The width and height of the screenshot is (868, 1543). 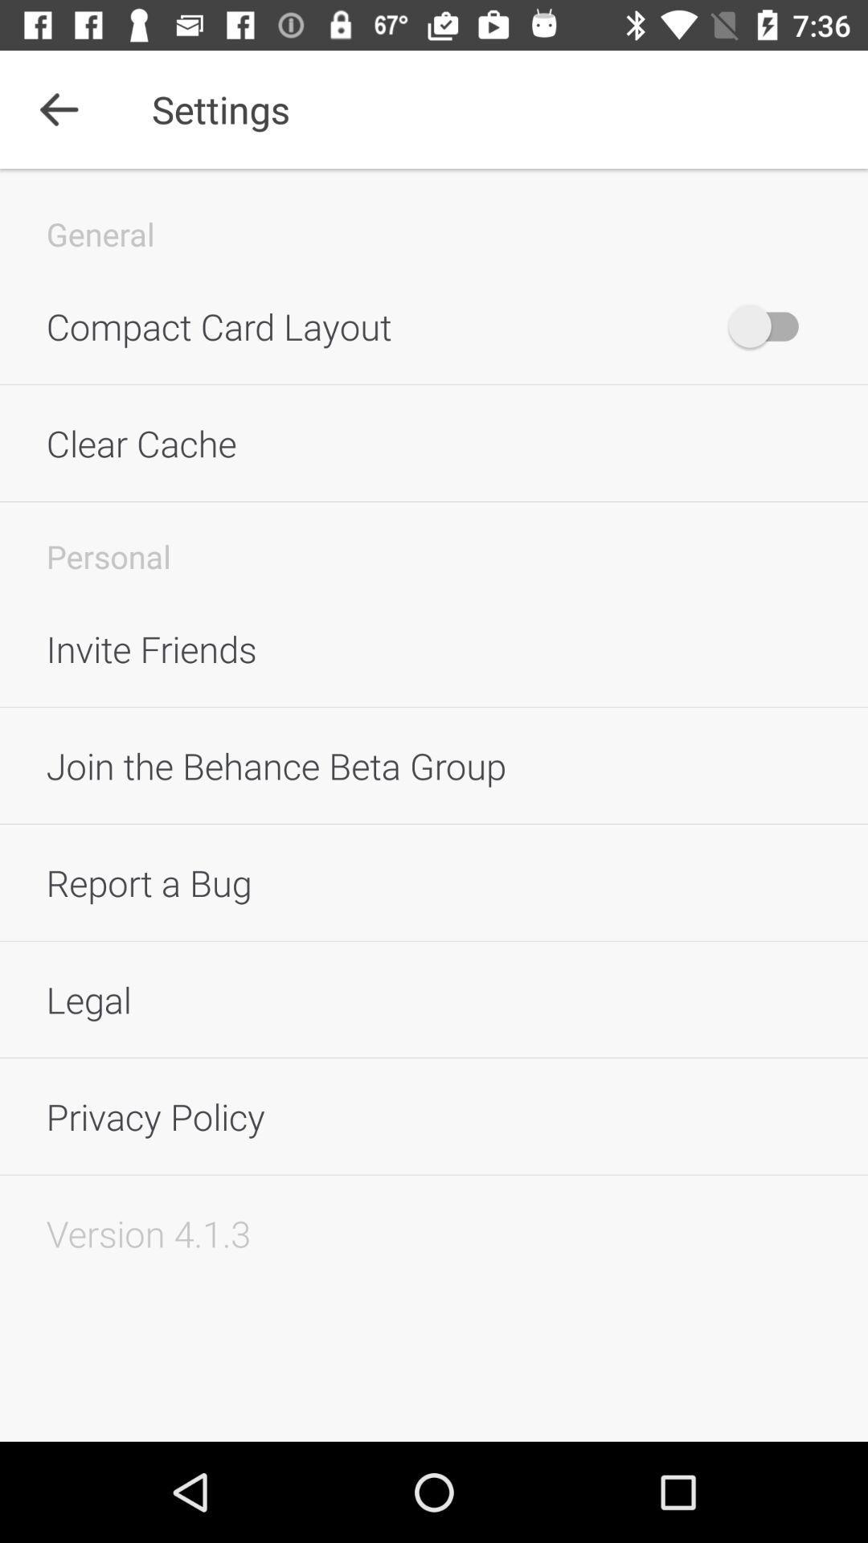 What do you see at coordinates (771, 325) in the screenshot?
I see `compact card layout` at bounding box center [771, 325].